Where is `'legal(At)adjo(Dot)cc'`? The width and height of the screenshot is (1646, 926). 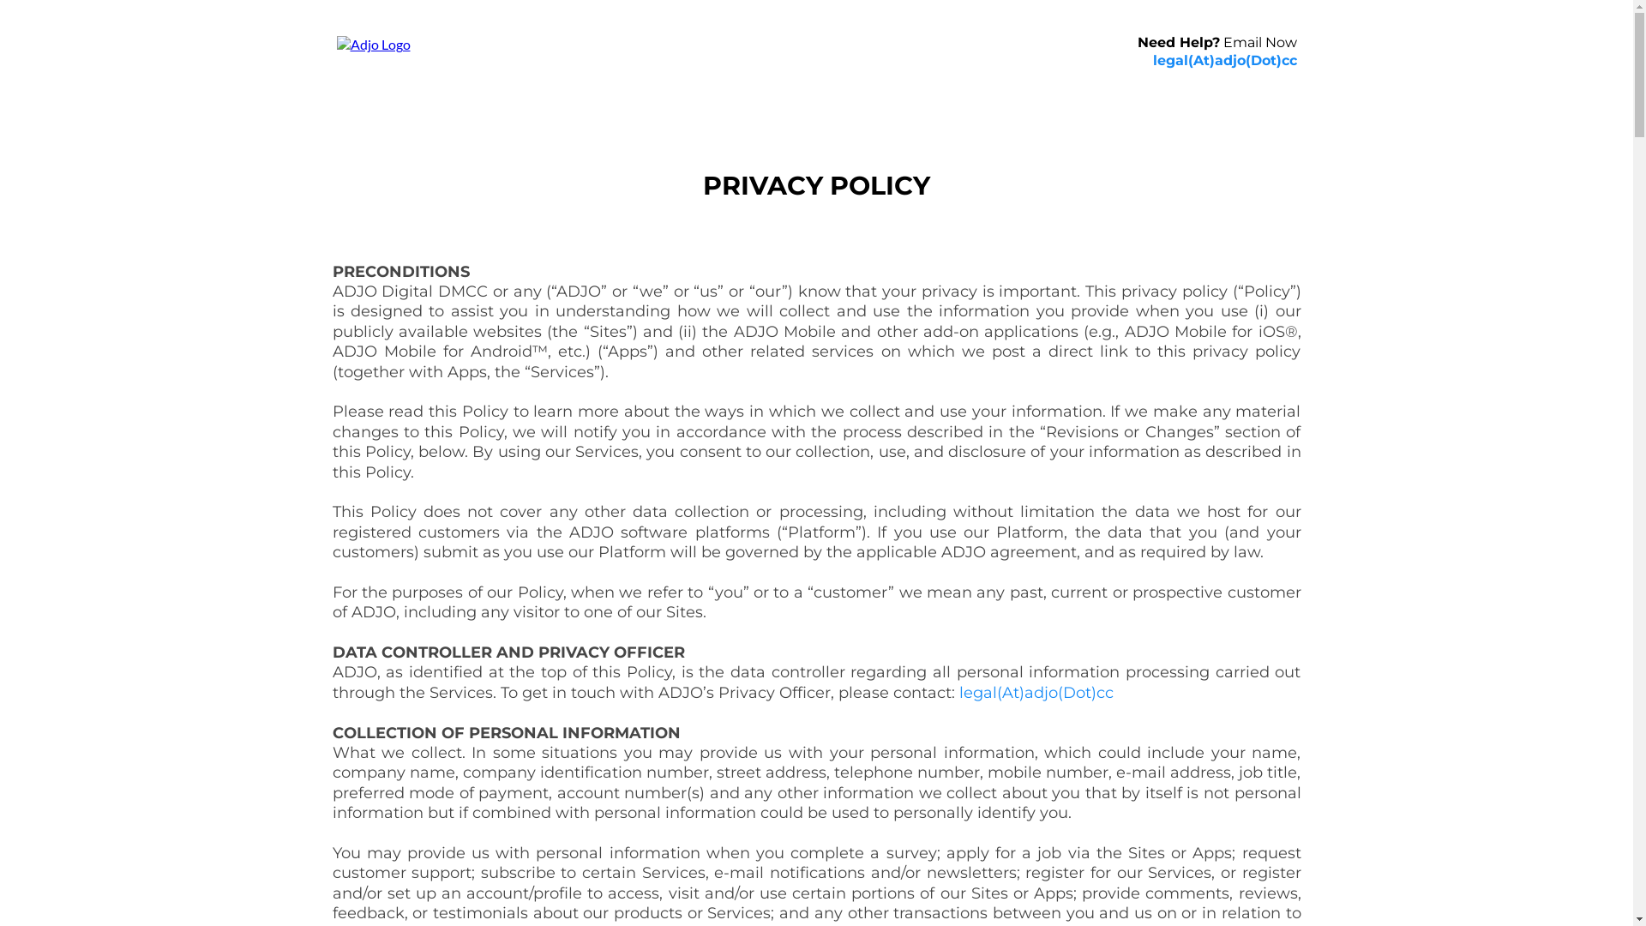
'legal(At)adjo(Dot)cc' is located at coordinates (1152, 59).